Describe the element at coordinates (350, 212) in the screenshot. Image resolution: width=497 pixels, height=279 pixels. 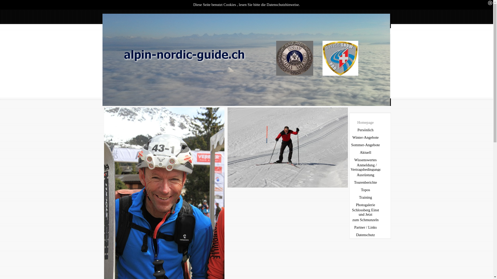
I see `'Schlossberg Einst und Jetzt'` at that location.